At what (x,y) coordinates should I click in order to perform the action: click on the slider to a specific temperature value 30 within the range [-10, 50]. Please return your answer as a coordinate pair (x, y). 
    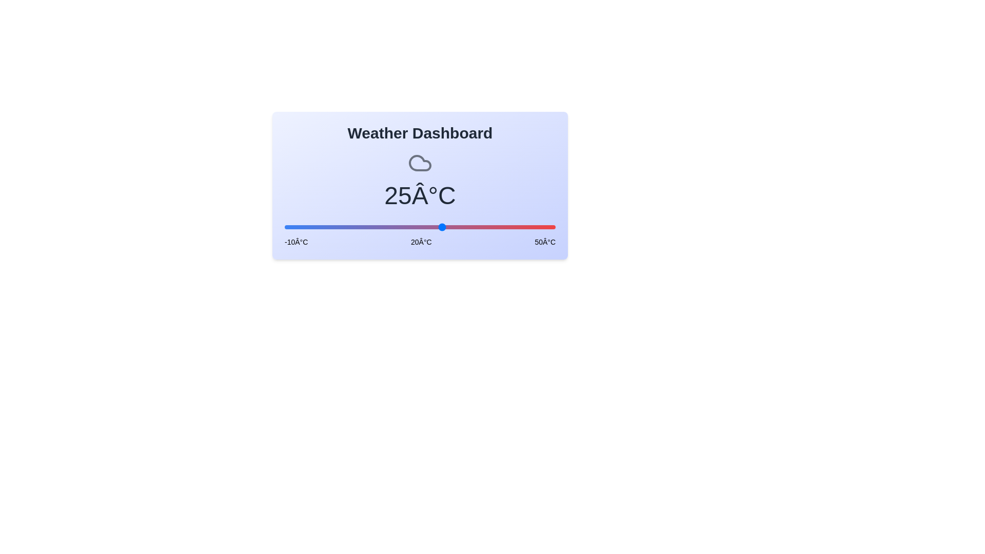
    Looking at the image, I should click on (465, 227).